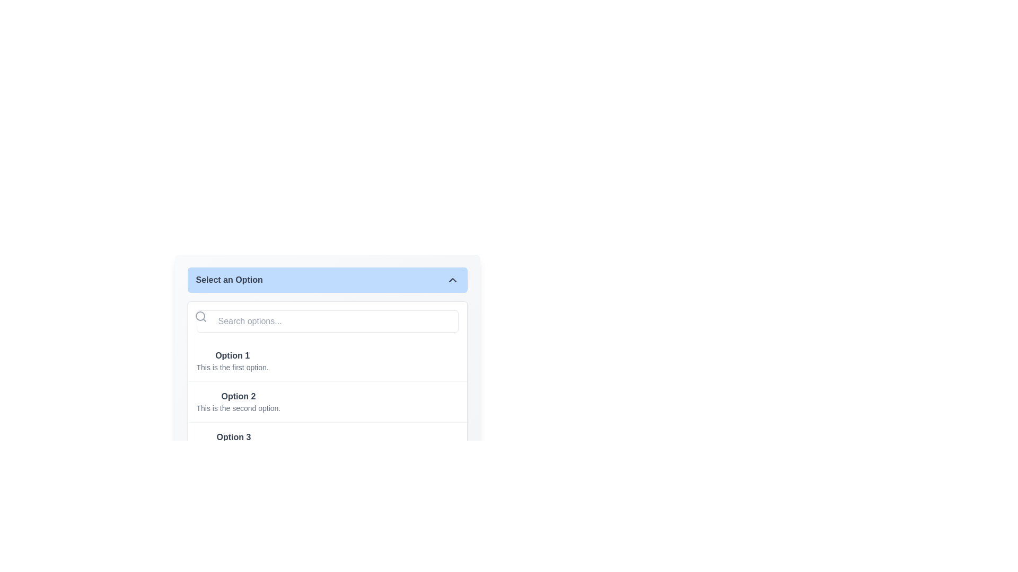 Image resolution: width=1018 pixels, height=572 pixels. What do you see at coordinates (327, 386) in the screenshot?
I see `the second option 'Option 2' in the dropdown menu labeled 'Select an Option'` at bounding box center [327, 386].